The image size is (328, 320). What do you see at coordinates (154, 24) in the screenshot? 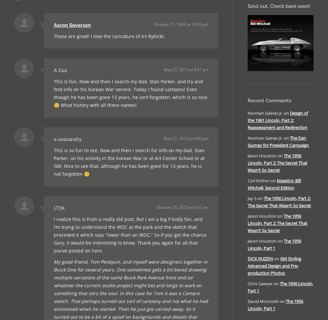
I see `'October 15, 2009 at 10:45 pm'` at bounding box center [154, 24].